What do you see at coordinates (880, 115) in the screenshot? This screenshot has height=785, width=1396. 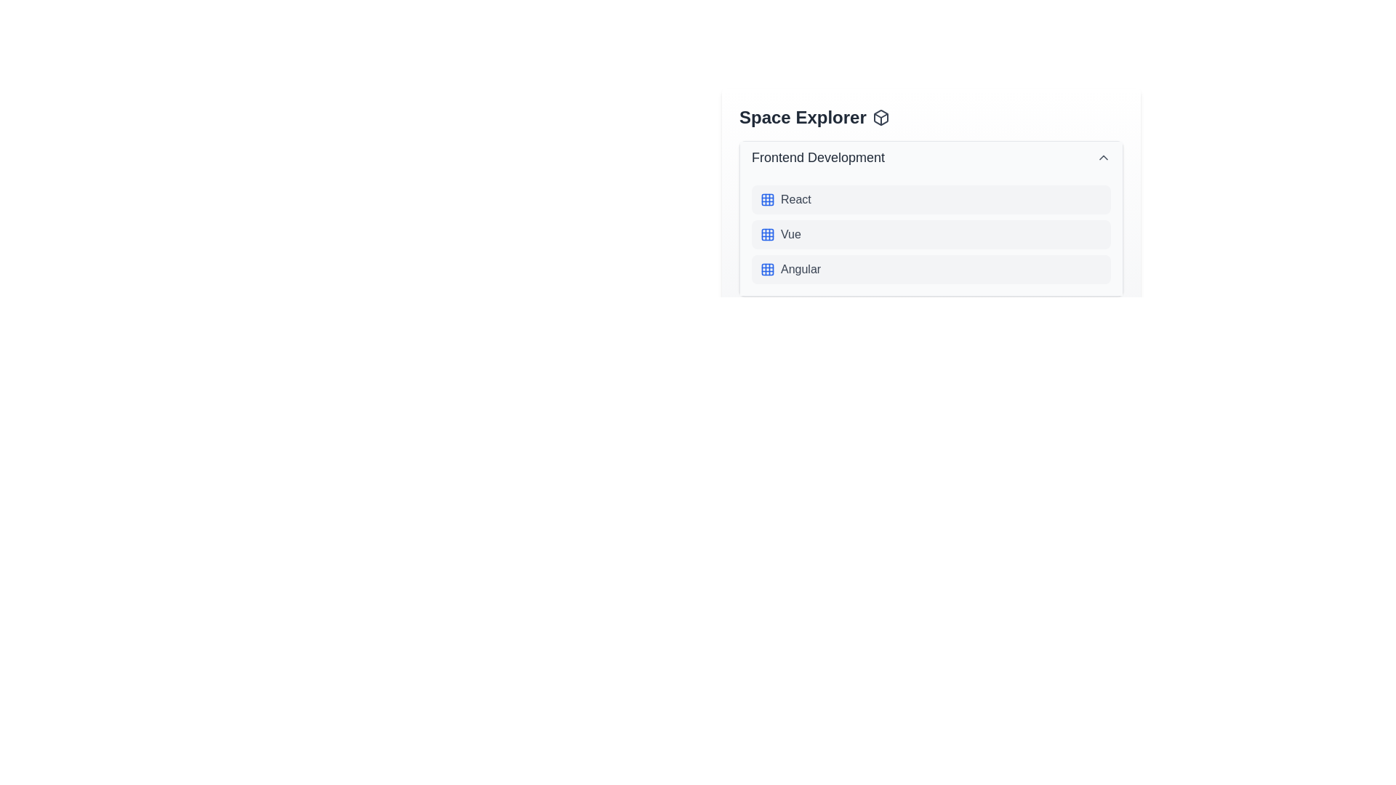 I see `the middle triangular segment of the cube-like icon next to the 'Space Explorer' title text` at bounding box center [880, 115].